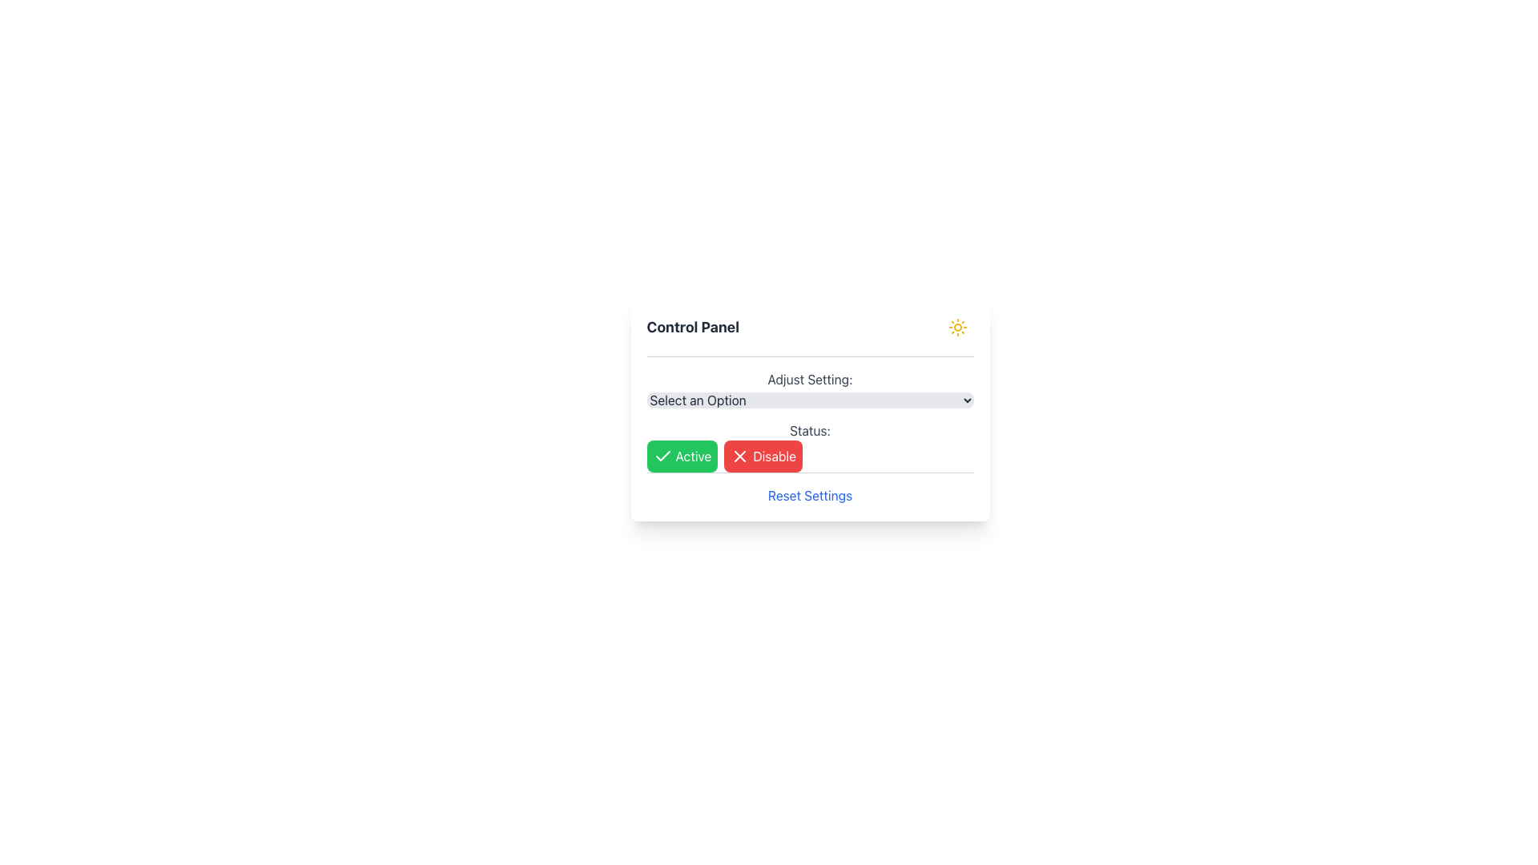 Image resolution: width=1538 pixels, height=865 pixels. What do you see at coordinates (810, 494) in the screenshot?
I see `the interactive text link labeled 'Reset Settings', which is styled with a blue-colored font and underlined, located at the bottom of the Control Panel section` at bounding box center [810, 494].